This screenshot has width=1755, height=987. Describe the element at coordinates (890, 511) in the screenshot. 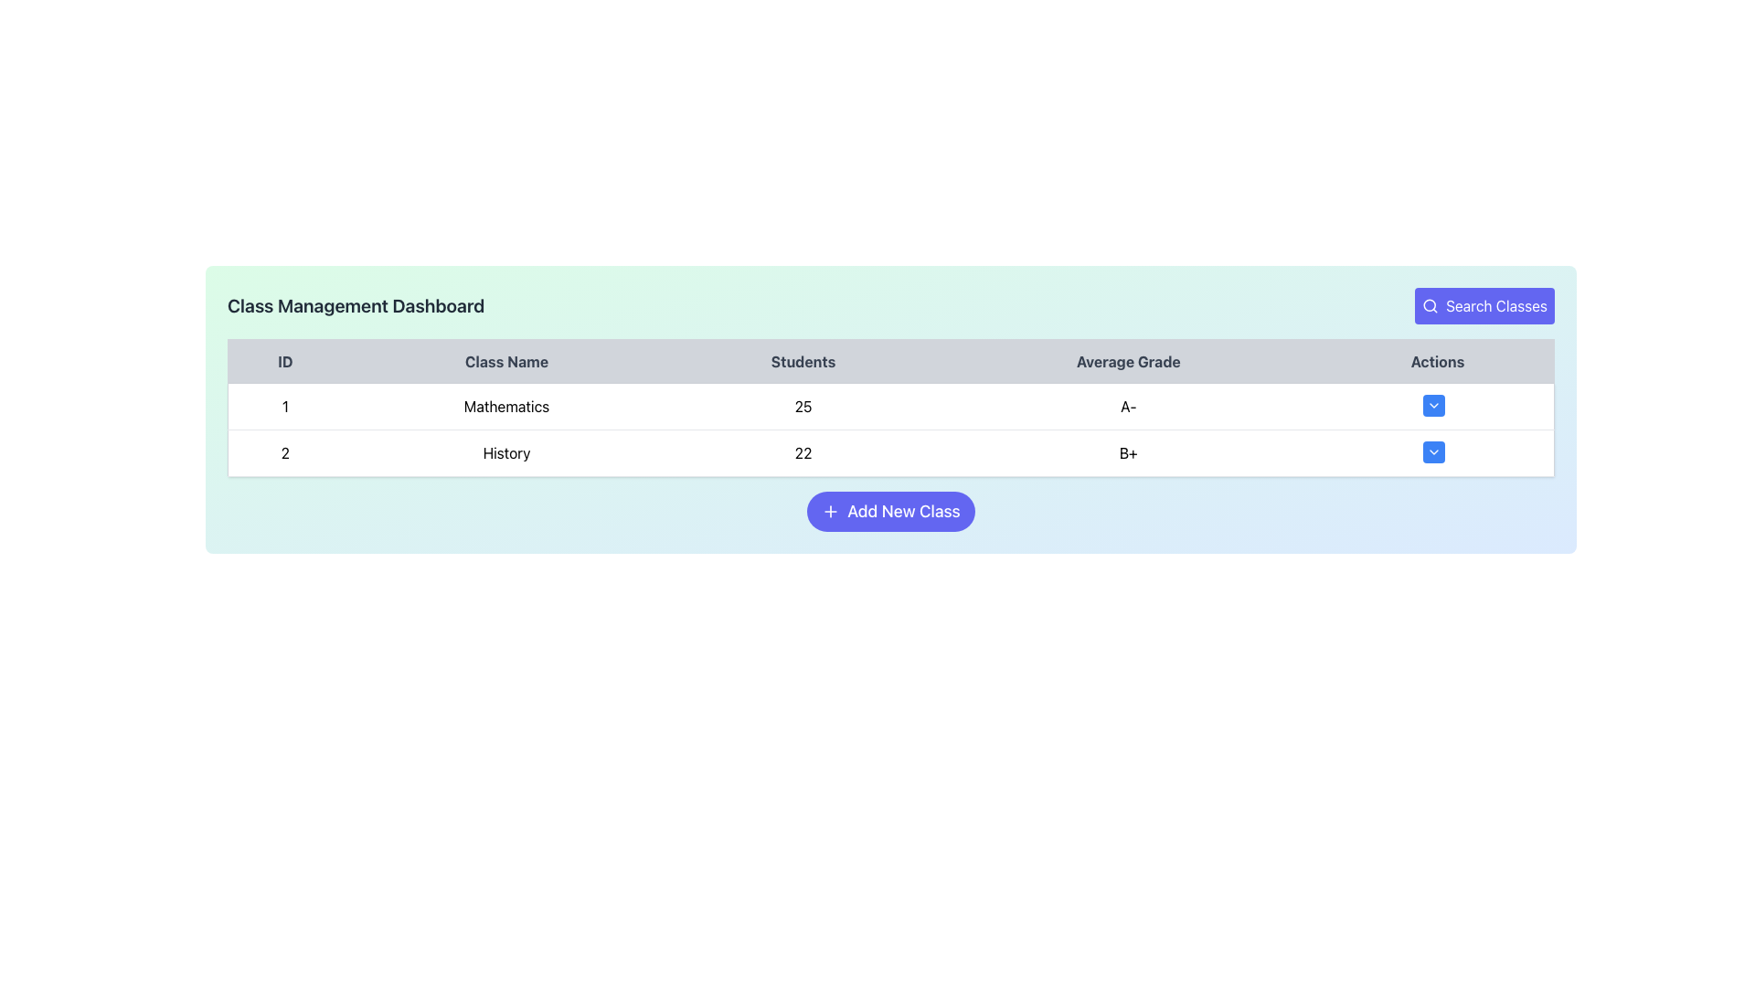

I see `the 'Add New Class' button which is a full-width rounded button with a blue fill and white bold text, located near the bottom of the interface` at that location.